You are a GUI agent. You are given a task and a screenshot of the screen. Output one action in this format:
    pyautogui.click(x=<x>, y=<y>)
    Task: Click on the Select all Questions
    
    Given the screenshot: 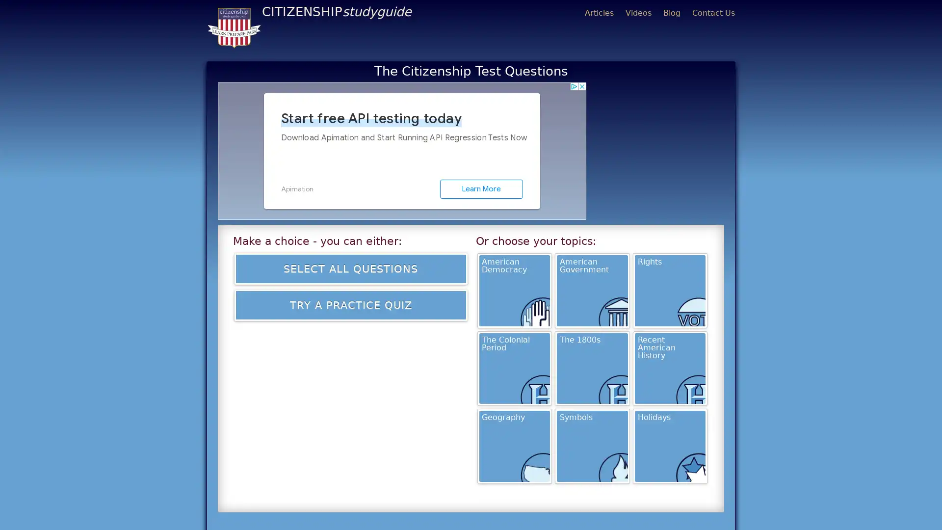 What is the action you would take?
    pyautogui.click(x=351, y=268)
    